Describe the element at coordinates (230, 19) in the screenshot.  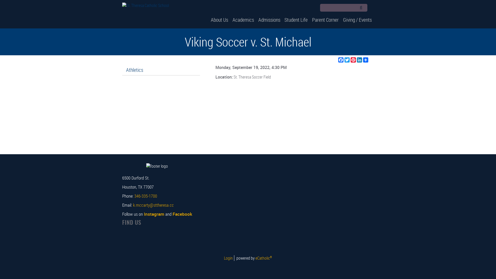
I see `'Academics'` at that location.